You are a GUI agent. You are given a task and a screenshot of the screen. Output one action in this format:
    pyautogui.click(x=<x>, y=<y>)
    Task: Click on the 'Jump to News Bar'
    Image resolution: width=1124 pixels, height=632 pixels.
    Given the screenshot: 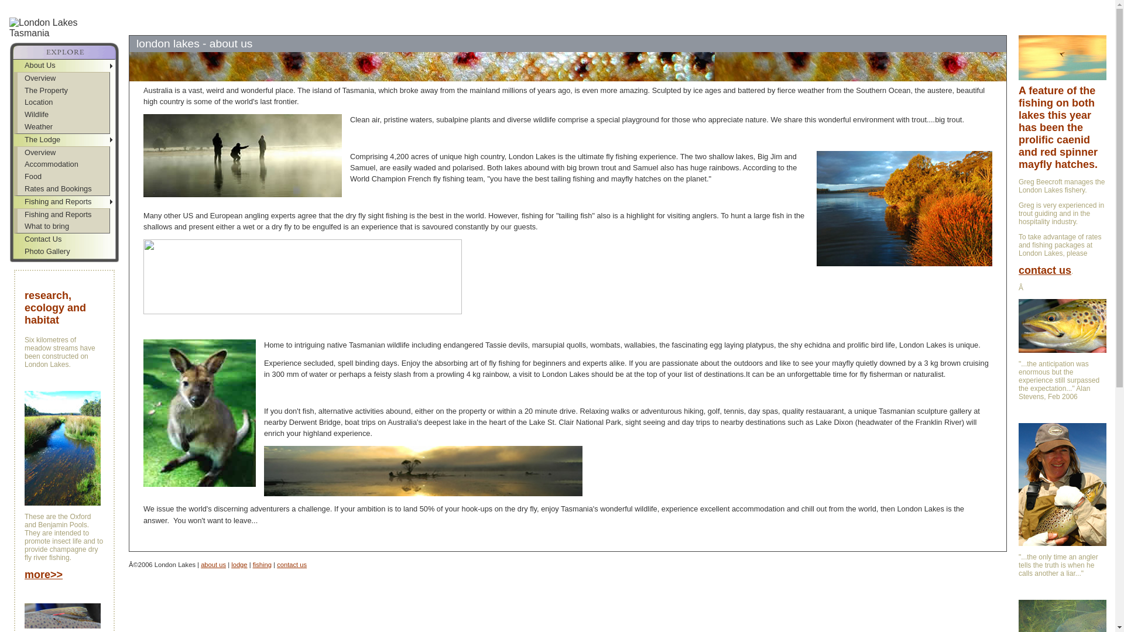 What is the action you would take?
    pyautogui.click(x=149, y=4)
    